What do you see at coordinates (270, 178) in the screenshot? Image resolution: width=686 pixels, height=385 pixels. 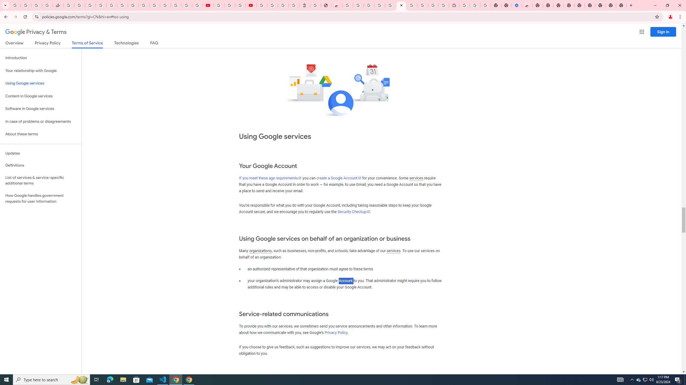 I see `'If you meet these age requirements'` at bounding box center [270, 178].